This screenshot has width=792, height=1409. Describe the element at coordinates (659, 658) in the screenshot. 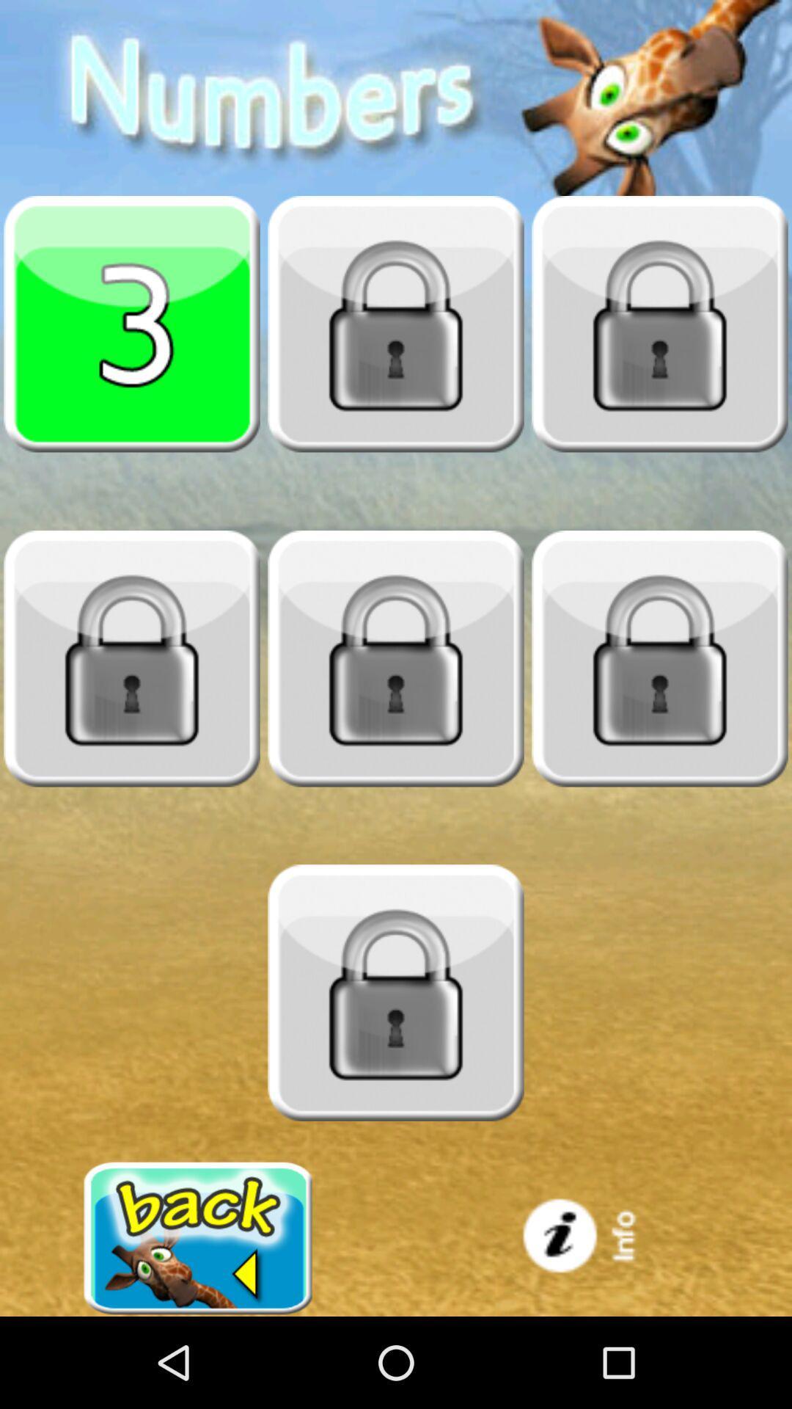

I see `unlocked level` at that location.